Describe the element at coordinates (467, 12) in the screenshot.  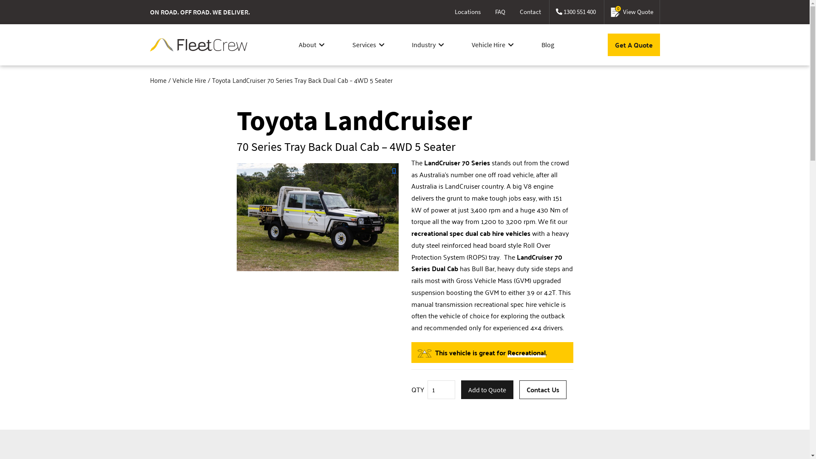
I see `'Locations'` at that location.